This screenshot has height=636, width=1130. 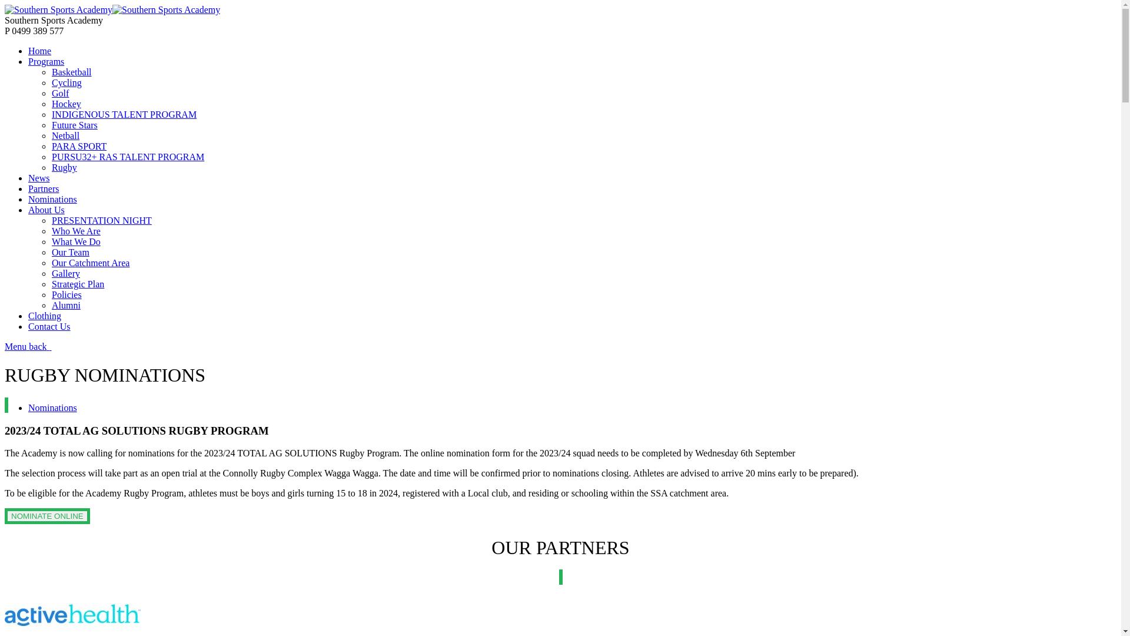 What do you see at coordinates (51, 167) in the screenshot?
I see `'Rugby'` at bounding box center [51, 167].